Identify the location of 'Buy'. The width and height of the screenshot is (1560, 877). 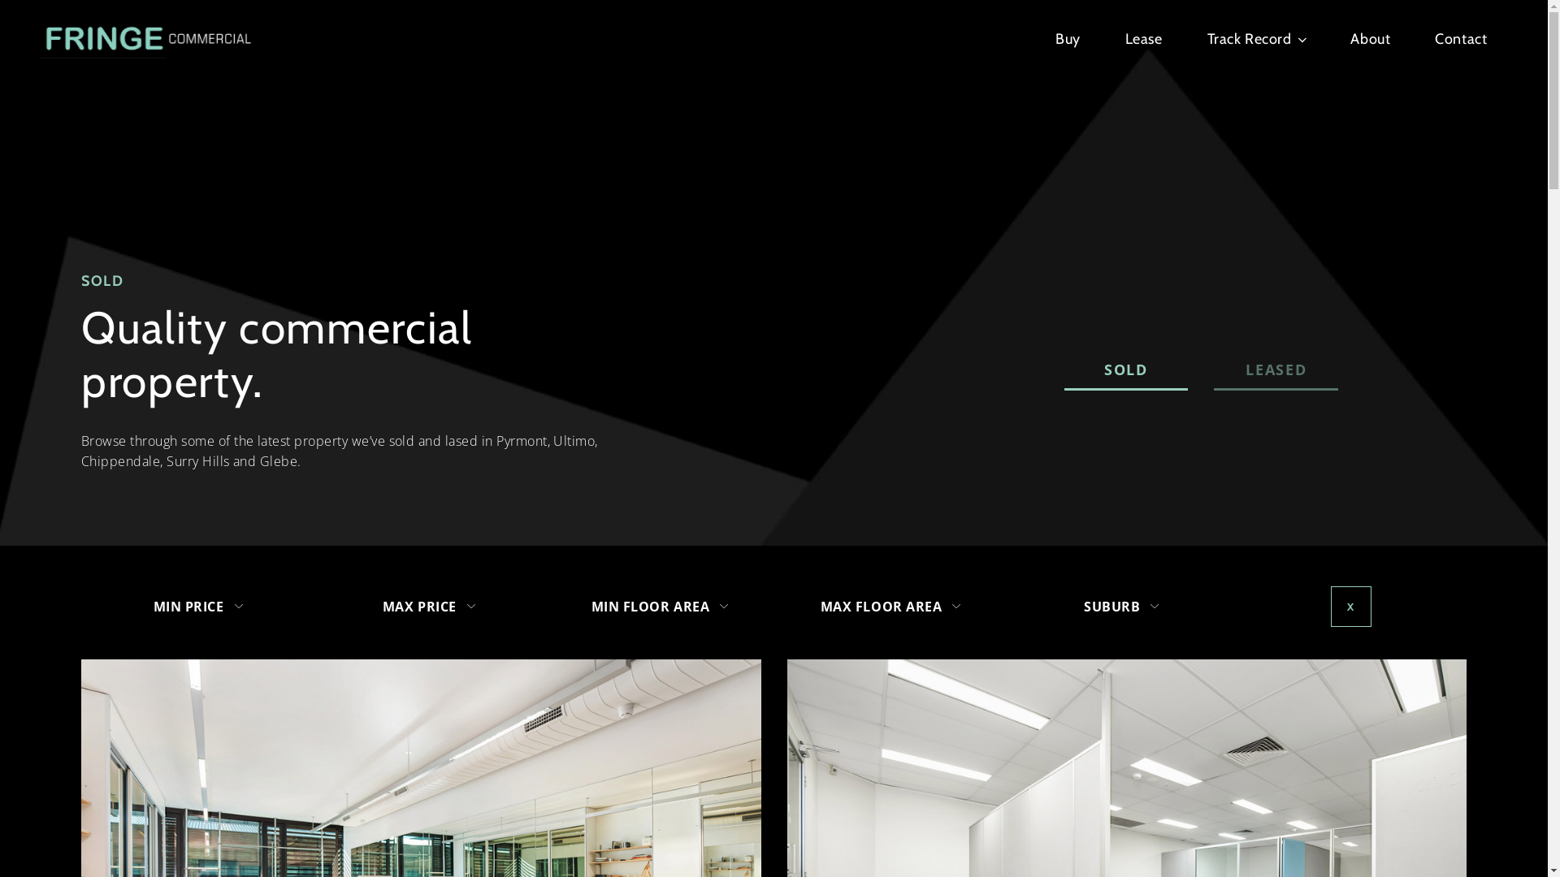
(1068, 38).